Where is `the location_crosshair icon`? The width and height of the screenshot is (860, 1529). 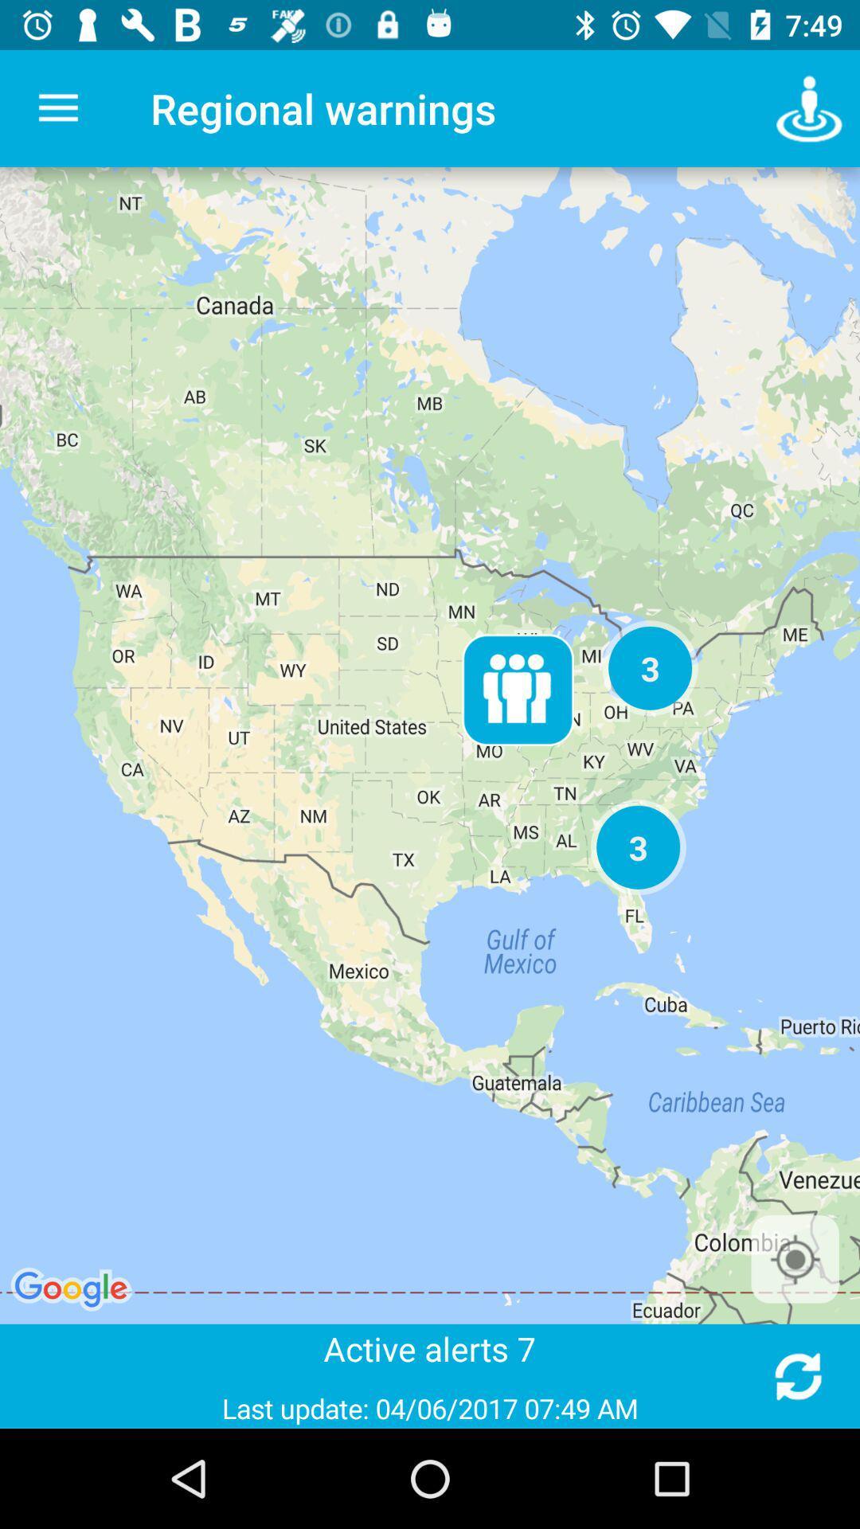 the location_crosshair icon is located at coordinates (795, 1258).